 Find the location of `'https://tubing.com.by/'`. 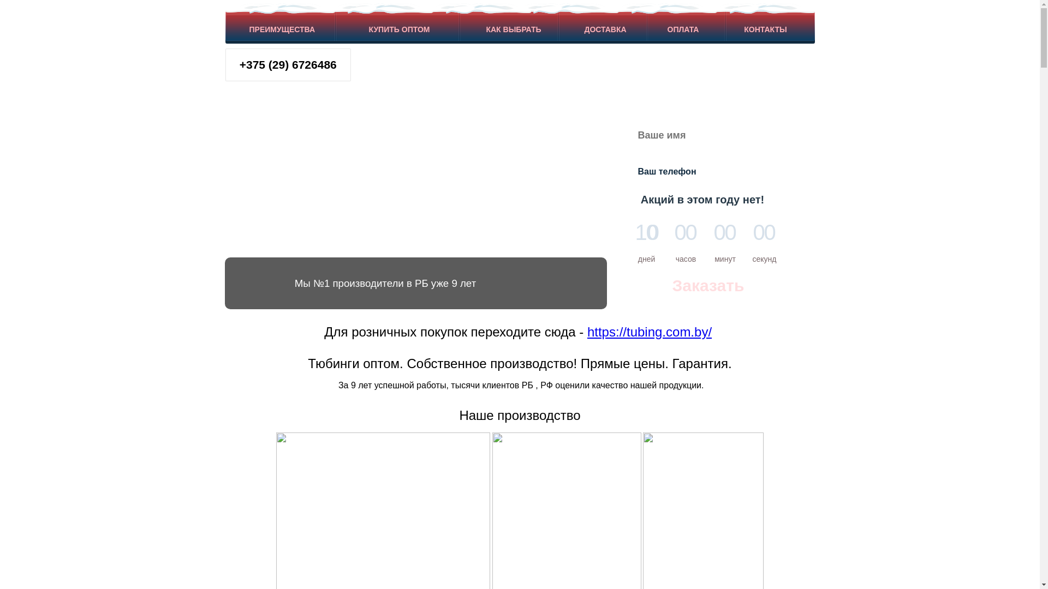

'https://tubing.com.by/' is located at coordinates (650, 331).